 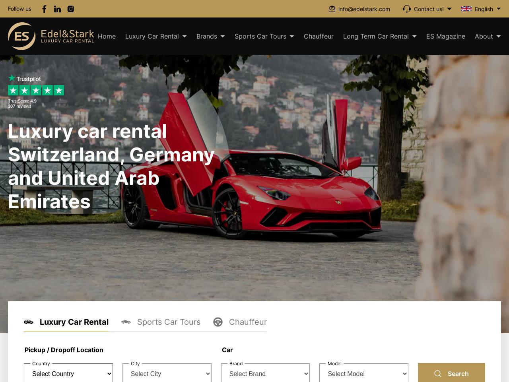 What do you see at coordinates (235, 363) in the screenshot?
I see `'Brand'` at bounding box center [235, 363].